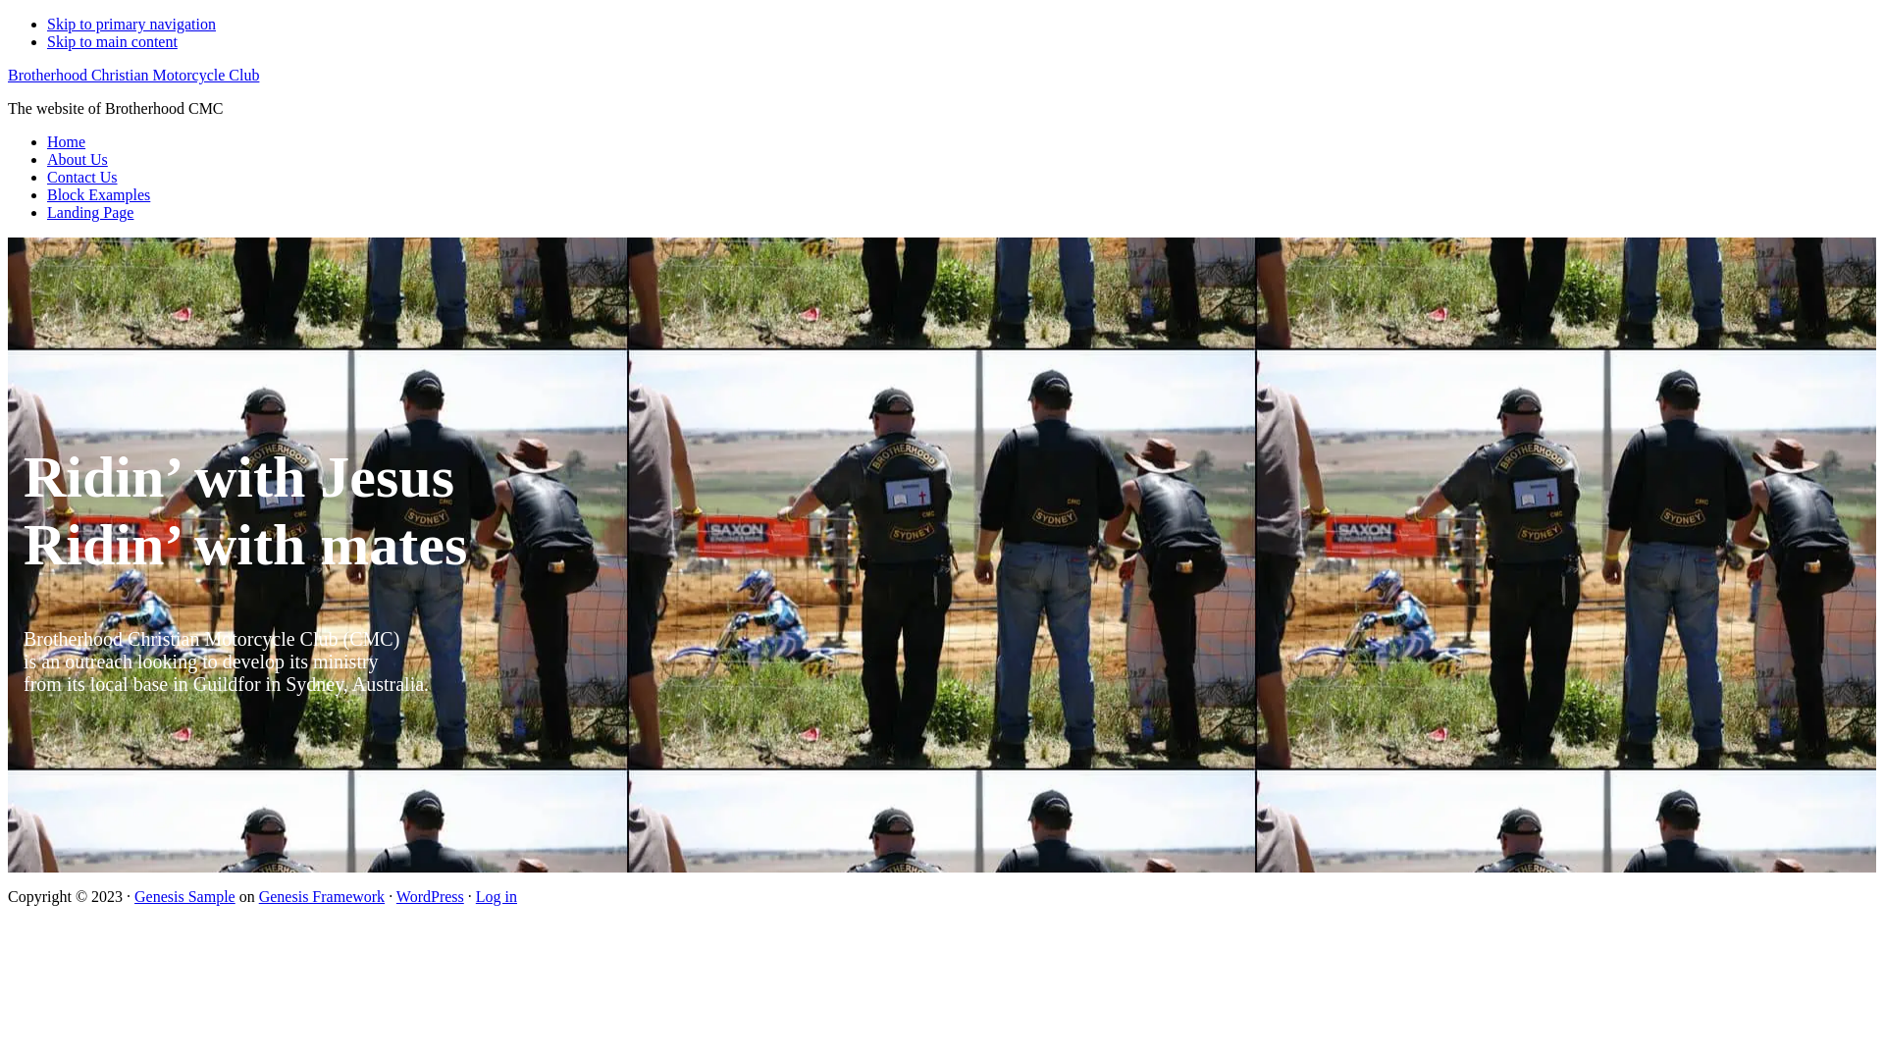 The height and width of the screenshot is (1060, 1884). What do you see at coordinates (429, 896) in the screenshot?
I see `'WordPress'` at bounding box center [429, 896].